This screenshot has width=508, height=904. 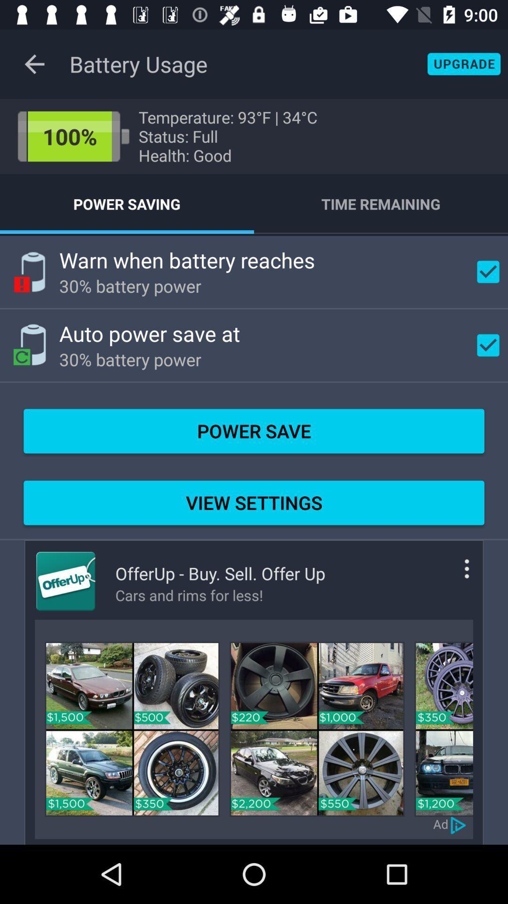 I want to click on an icon, so click(x=317, y=728).